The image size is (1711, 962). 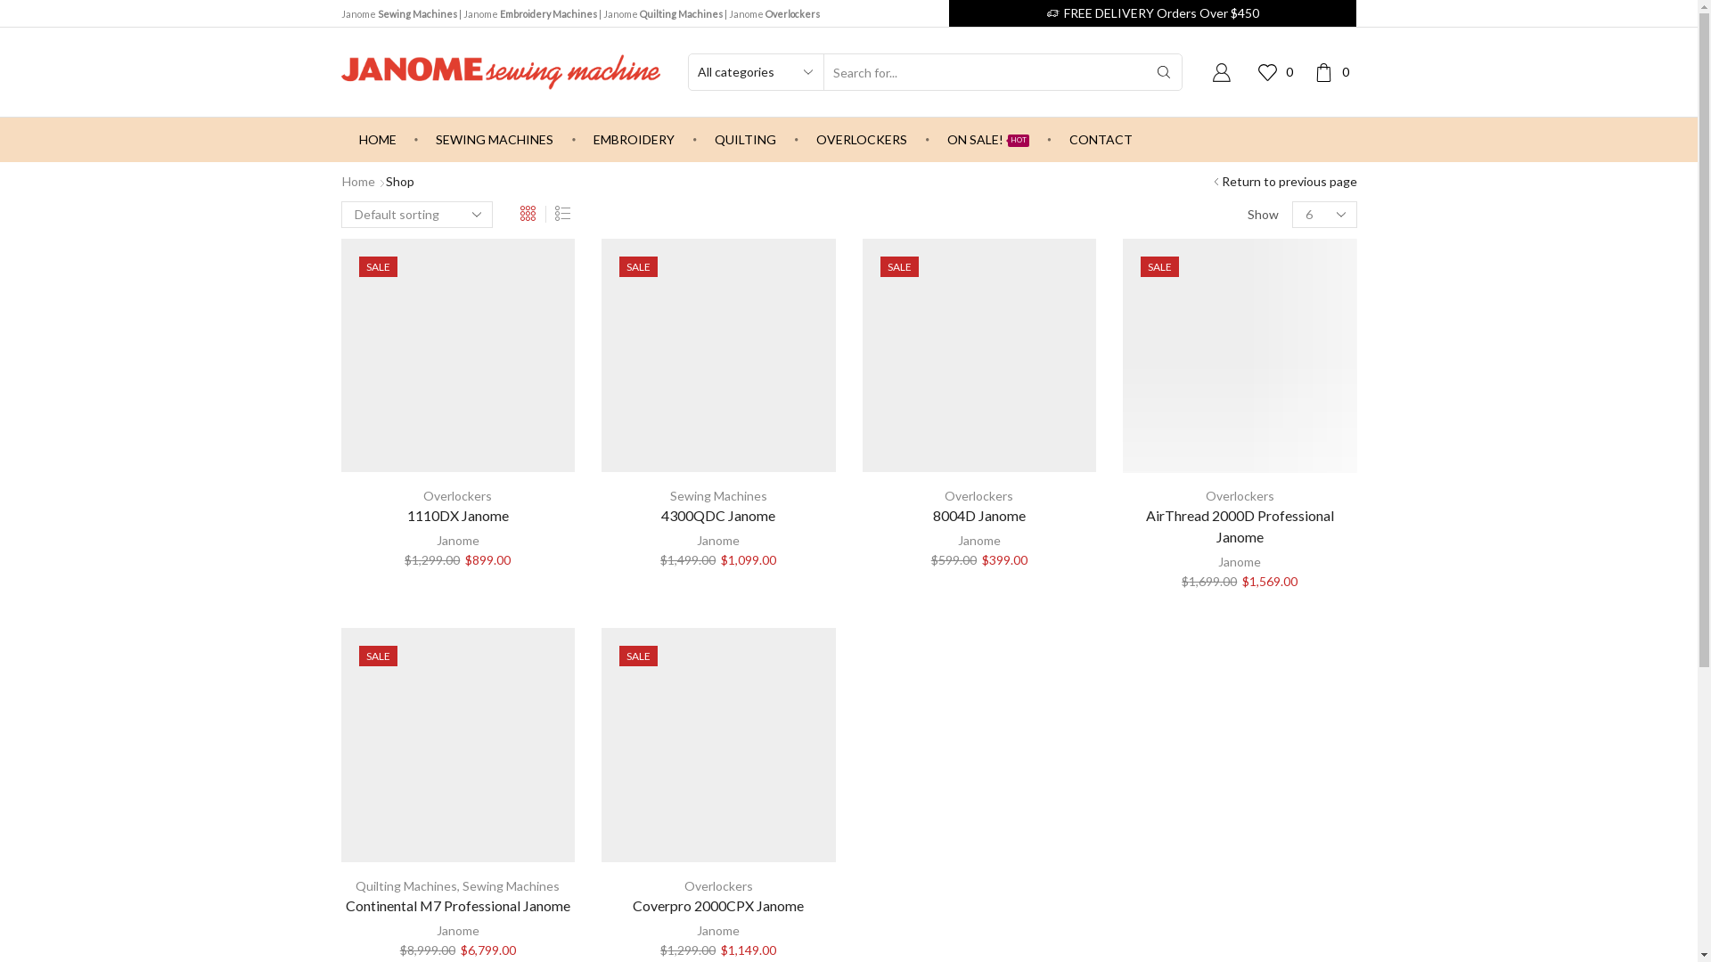 What do you see at coordinates (397, 13) in the screenshot?
I see `'Janome Sewing Machines'` at bounding box center [397, 13].